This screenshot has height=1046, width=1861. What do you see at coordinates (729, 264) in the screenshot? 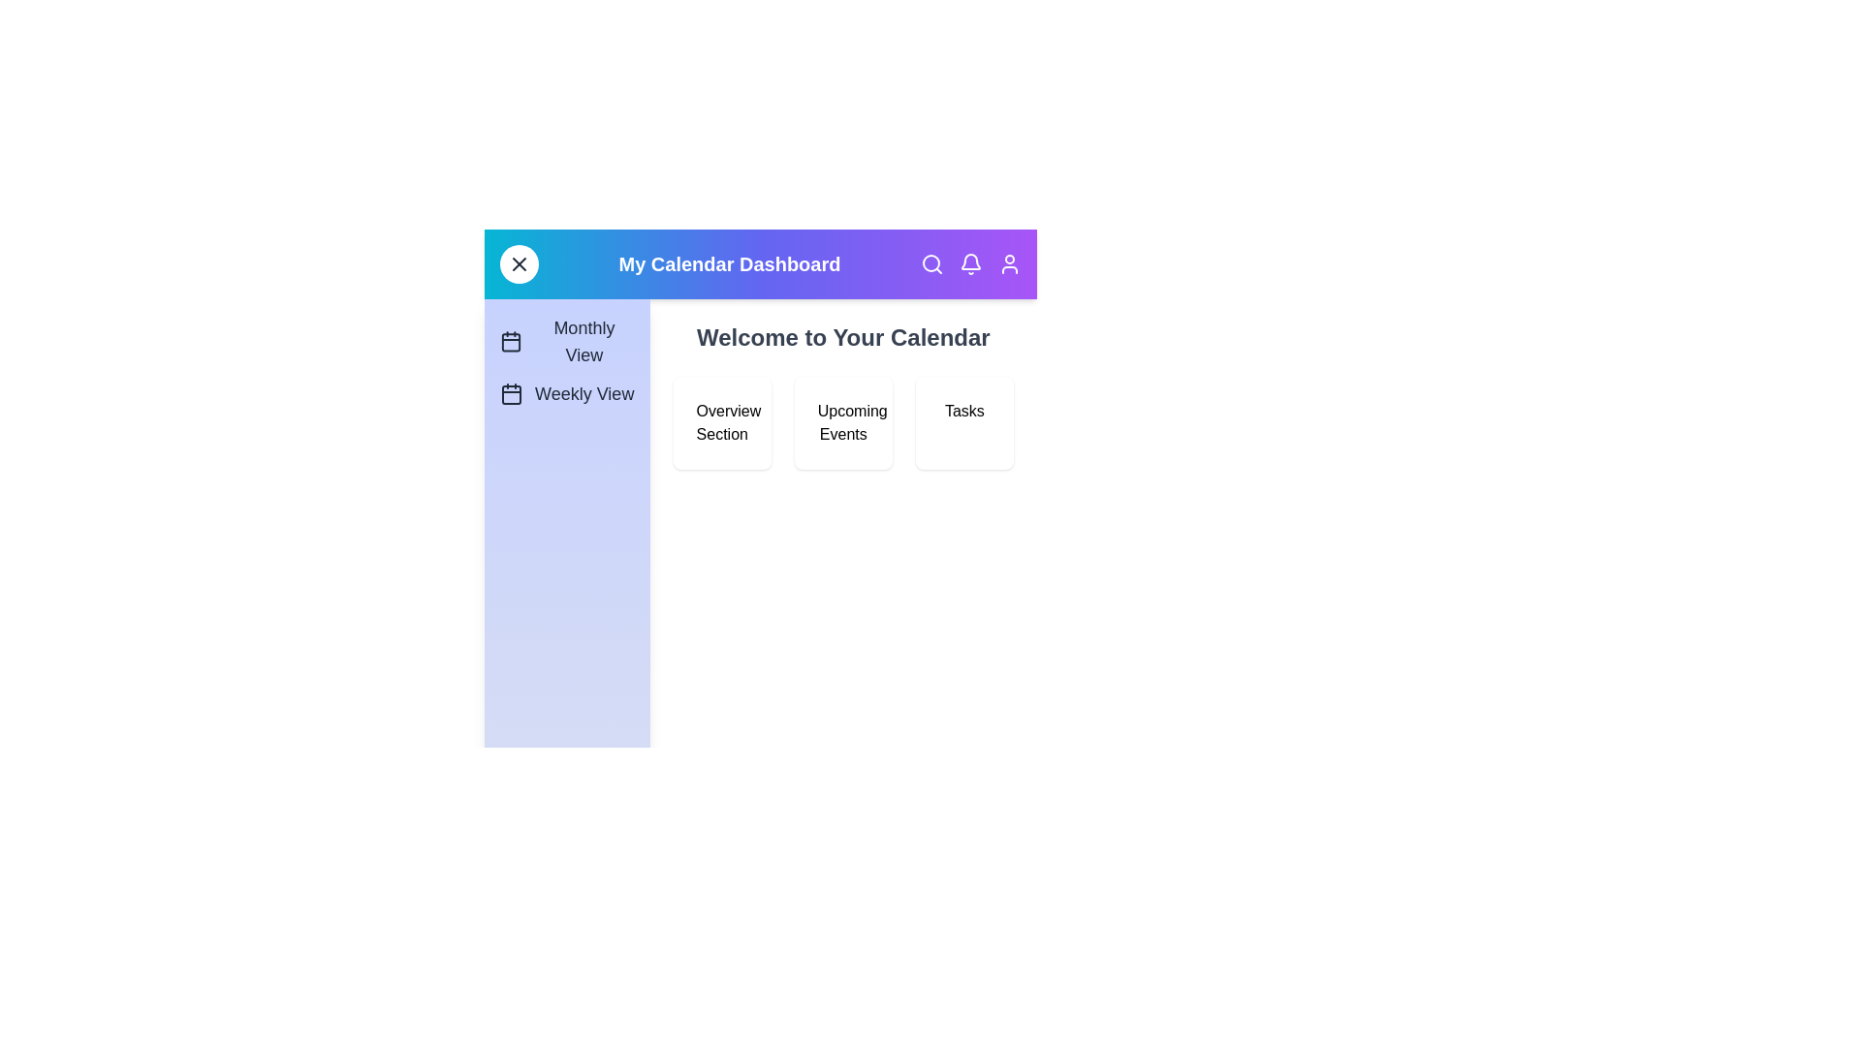
I see `the heading text label 'My Calendar Dashboard', which is in bold, extra-large font and positioned in the center of the header section with a gradient background` at bounding box center [729, 264].